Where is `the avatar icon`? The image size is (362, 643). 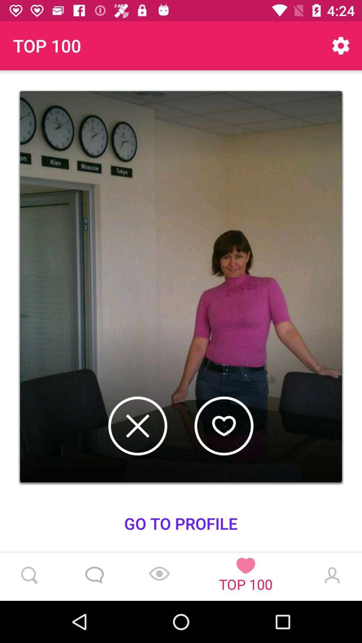
the avatar icon is located at coordinates (330, 576).